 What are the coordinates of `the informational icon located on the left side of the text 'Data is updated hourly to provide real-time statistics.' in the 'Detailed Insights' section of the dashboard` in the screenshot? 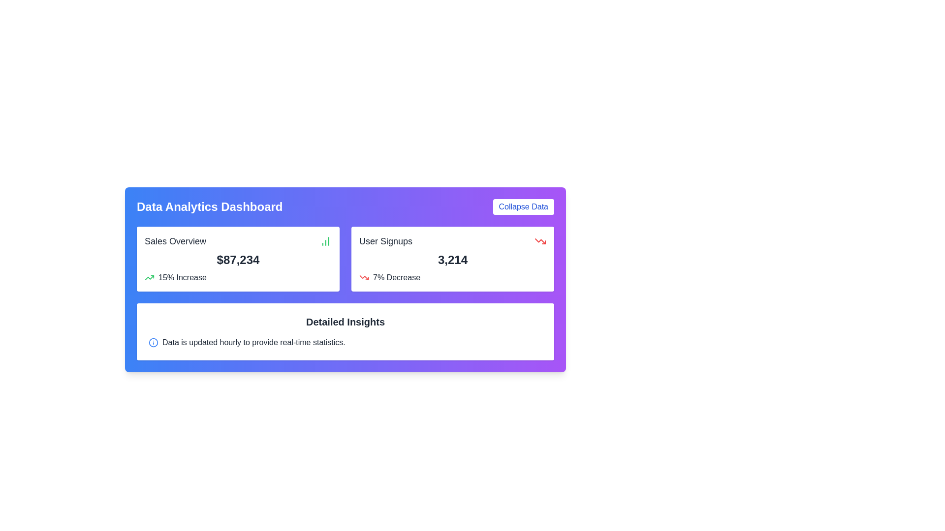 It's located at (153, 342).